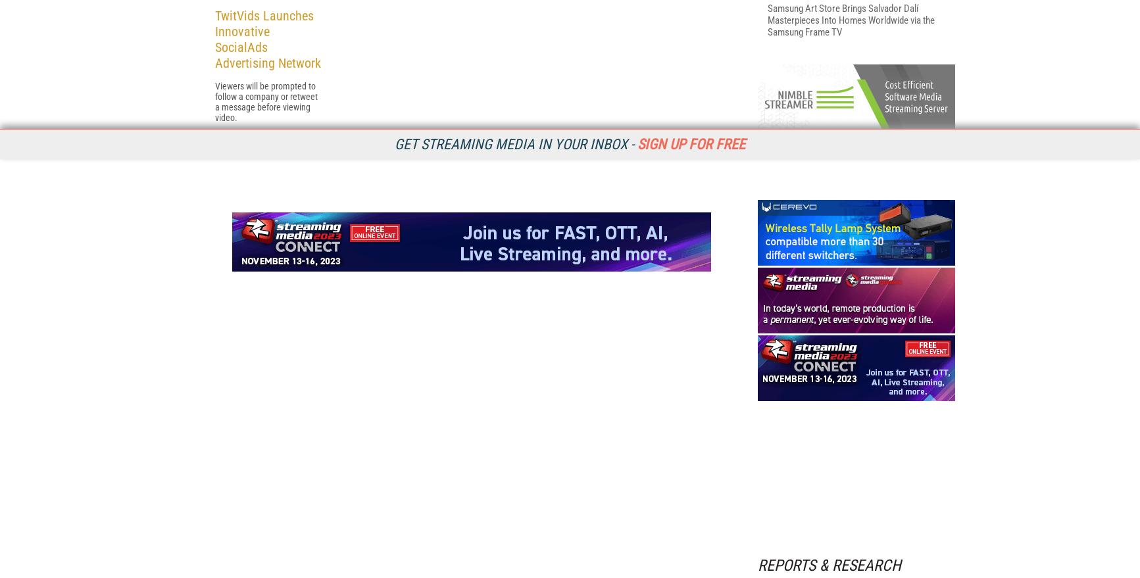  I want to click on 'Vindral: Reliable & Scalable Ultra Low Latency Video Playback', so click(766, 132).